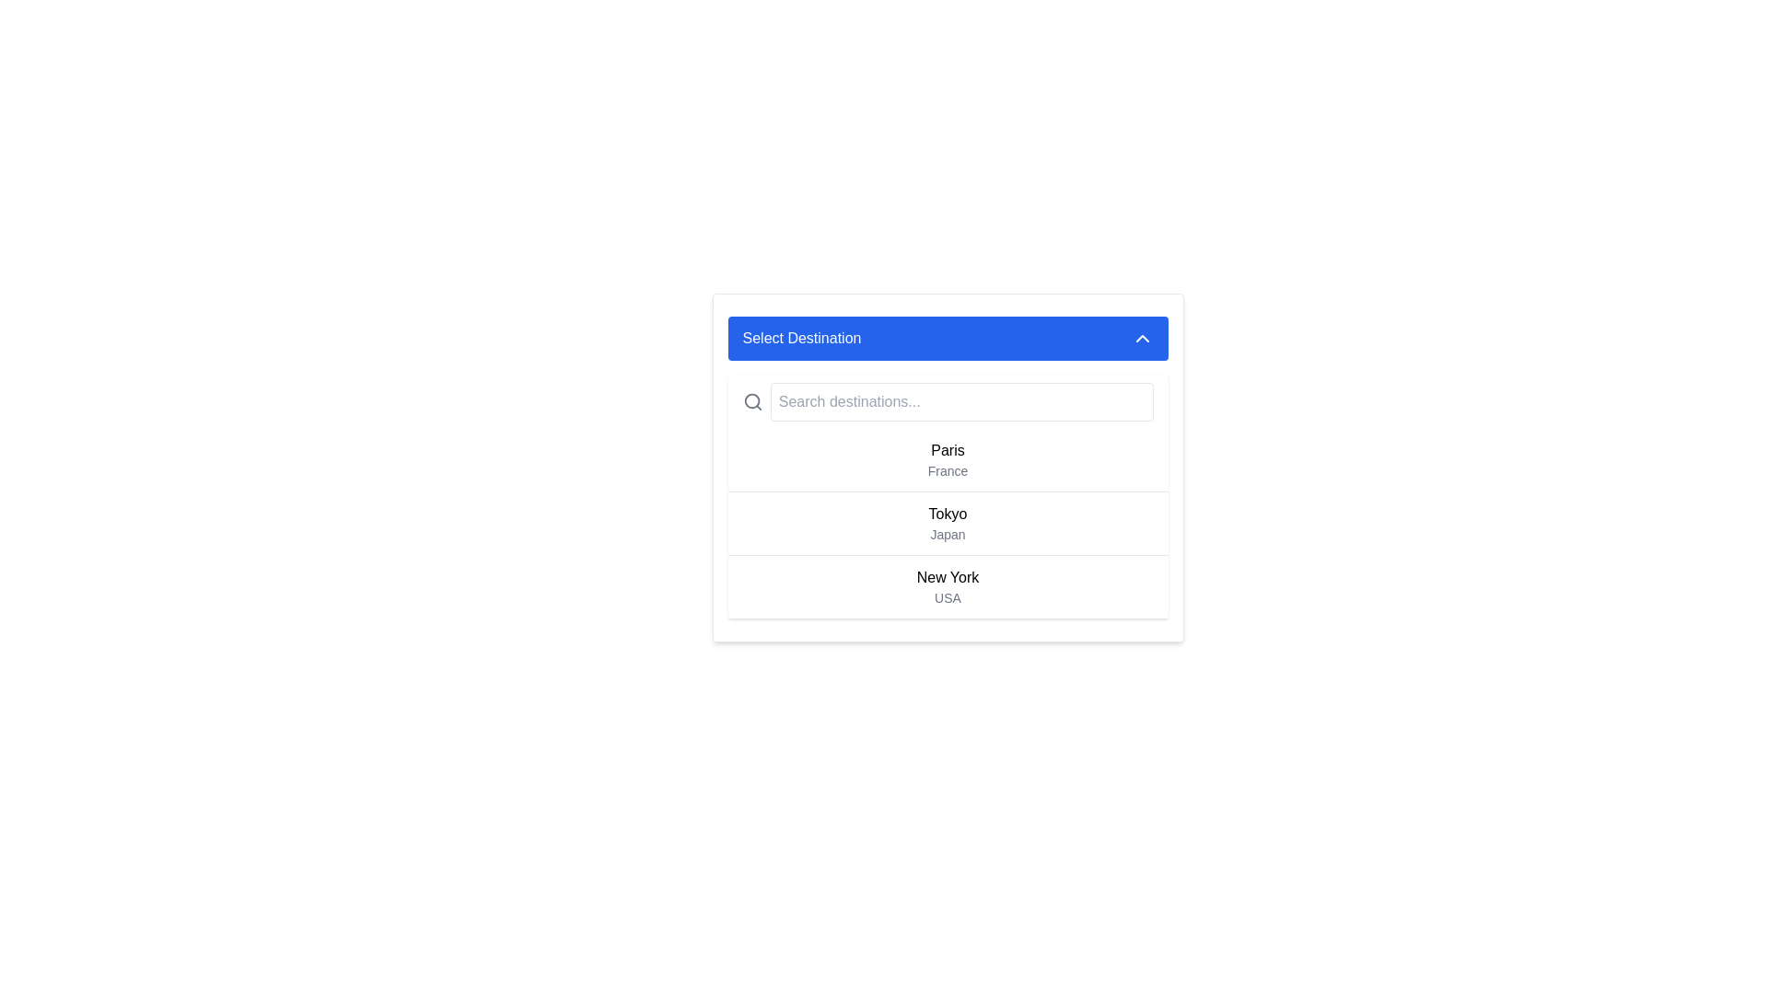  Describe the element at coordinates (801, 338) in the screenshot. I see `text from the Text Label that indicates the purpose of the dropdown menu for selecting a destination, located at the top of the menu component, centered horizontally and aligned to the left edge` at that location.